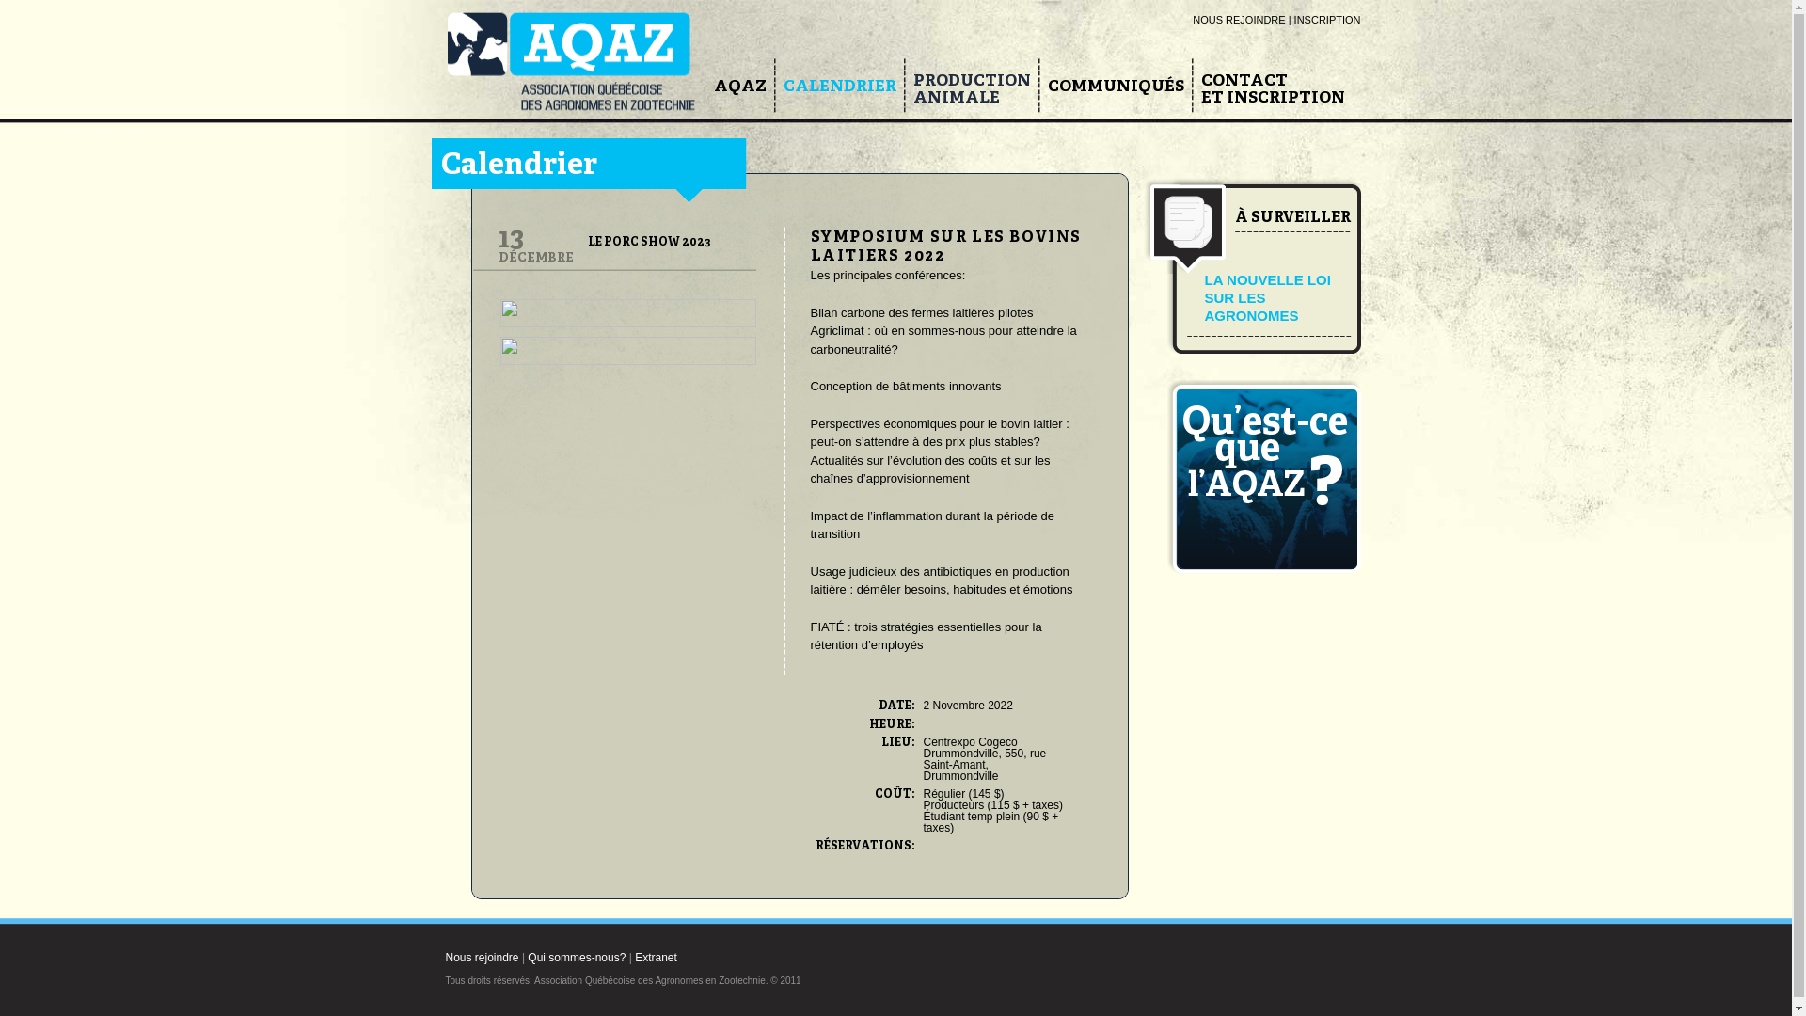 This screenshot has width=1806, height=1016. What do you see at coordinates (1272, 89) in the screenshot?
I see `'CONTACT` at bounding box center [1272, 89].